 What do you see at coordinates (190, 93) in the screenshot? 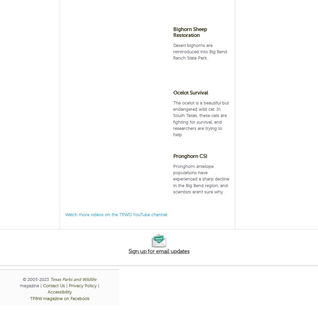
I see `'Ocelot Survival'` at bounding box center [190, 93].